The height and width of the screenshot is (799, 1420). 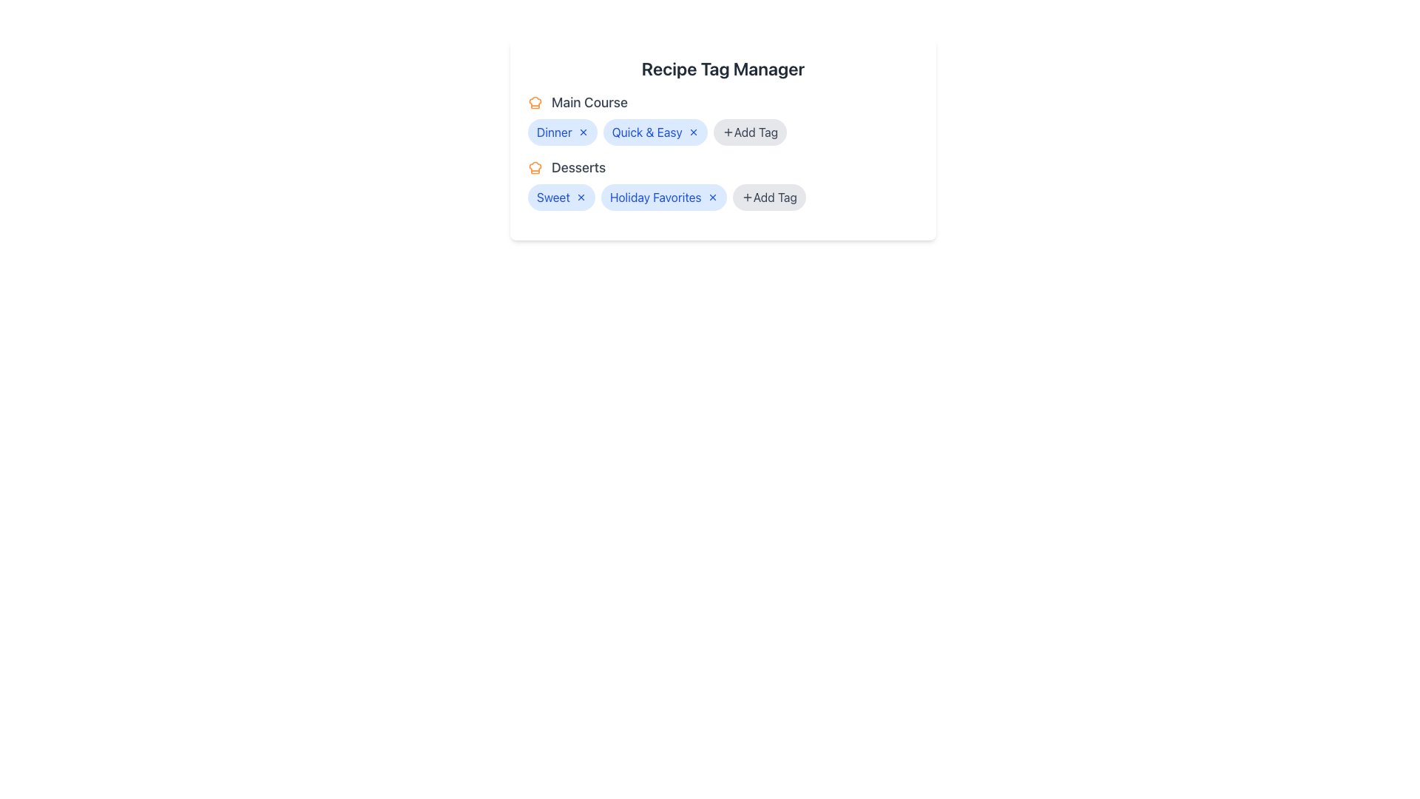 What do you see at coordinates (552, 196) in the screenshot?
I see `the text label displaying the word 'Sweet' in blue font, part of a rounded pill-shaped tag in the 'Desserts' section under the 'Recipe Tag Manager' heading` at bounding box center [552, 196].